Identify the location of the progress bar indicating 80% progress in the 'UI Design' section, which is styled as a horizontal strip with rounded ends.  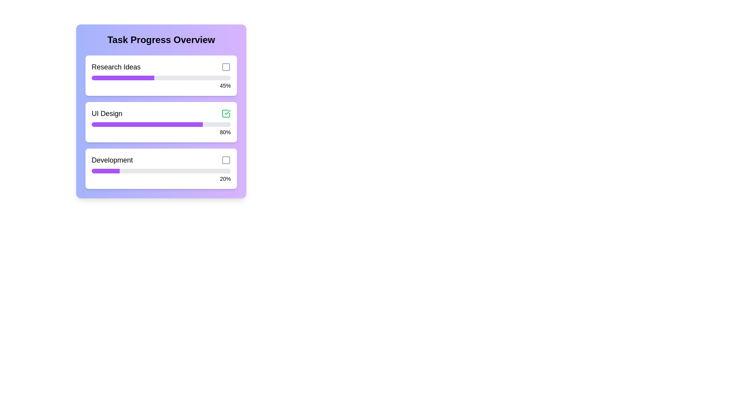
(160, 124).